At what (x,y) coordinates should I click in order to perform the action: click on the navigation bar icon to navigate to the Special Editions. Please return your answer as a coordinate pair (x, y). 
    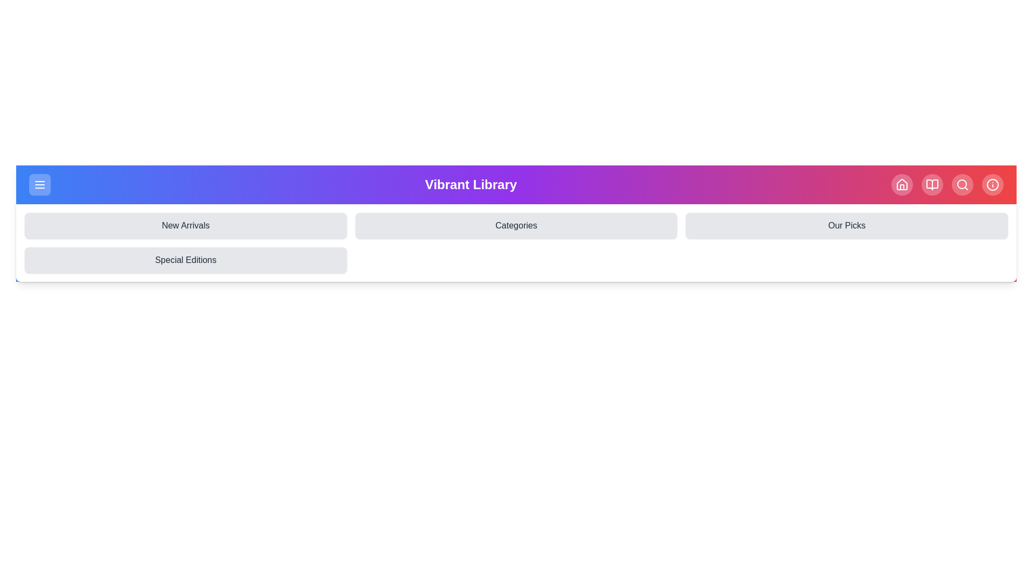
    Looking at the image, I should click on (186, 260).